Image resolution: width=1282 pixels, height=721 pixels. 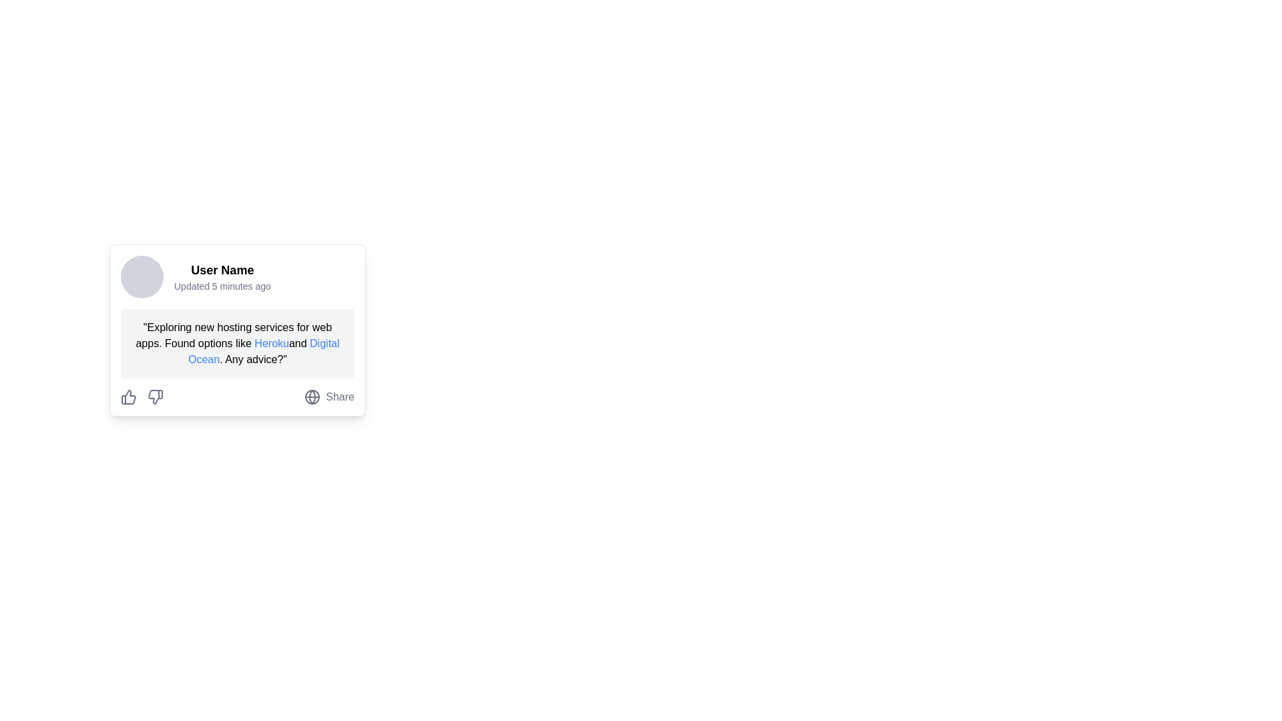 I want to click on the dislike button located to the right of the thumbs up icon and to the left of the share button under the user post to indicate dislike for the post, so click(x=156, y=396).